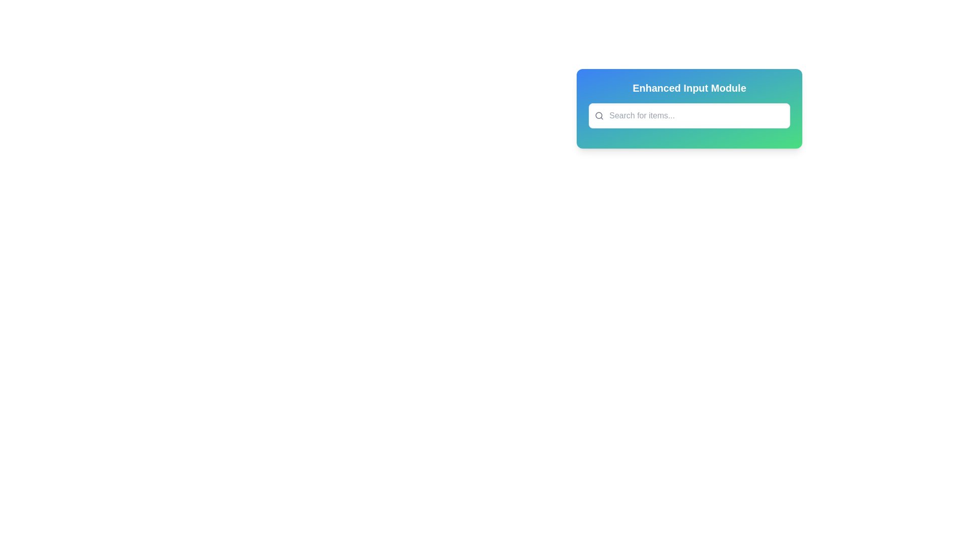 The image size is (967, 544). What do you see at coordinates (599, 115) in the screenshot?
I see `the search icon located within the 'Enhanced Input Module' to the left of the 'Search for items...' input field` at bounding box center [599, 115].